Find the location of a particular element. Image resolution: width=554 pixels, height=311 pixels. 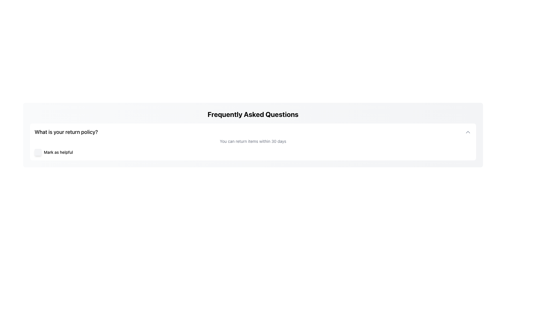

the static text label providing information about the return policy, located directly under the question 'What is your return policy?' is located at coordinates (253, 141).